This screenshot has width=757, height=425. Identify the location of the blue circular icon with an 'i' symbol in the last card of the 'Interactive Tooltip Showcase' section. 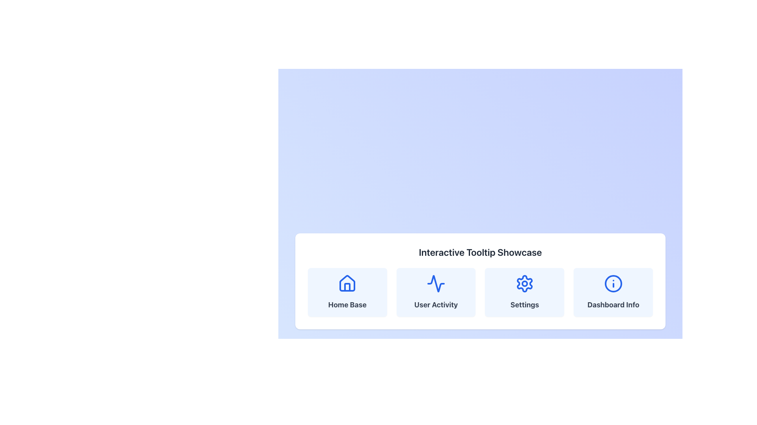
(613, 284).